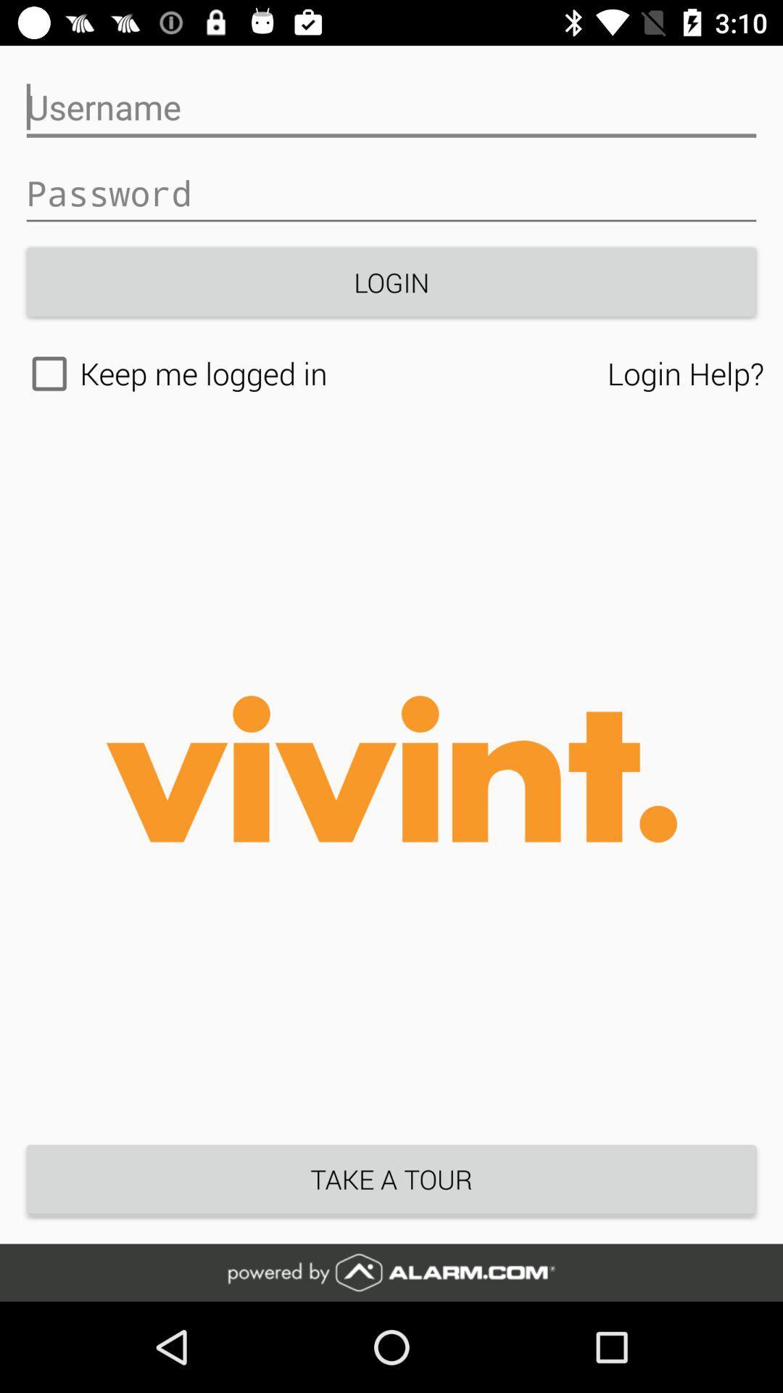 This screenshot has height=1393, width=783. I want to click on the login help? item, so click(685, 373).